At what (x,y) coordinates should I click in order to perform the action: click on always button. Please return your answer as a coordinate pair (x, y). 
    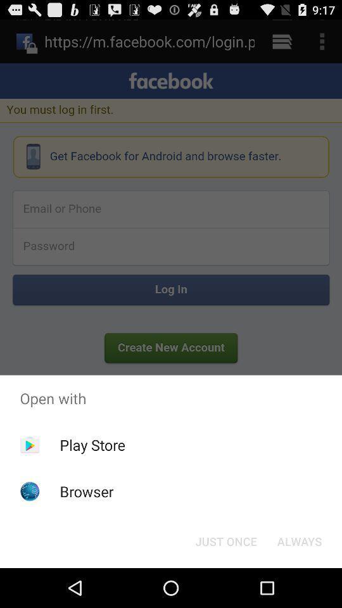
    Looking at the image, I should click on (299, 540).